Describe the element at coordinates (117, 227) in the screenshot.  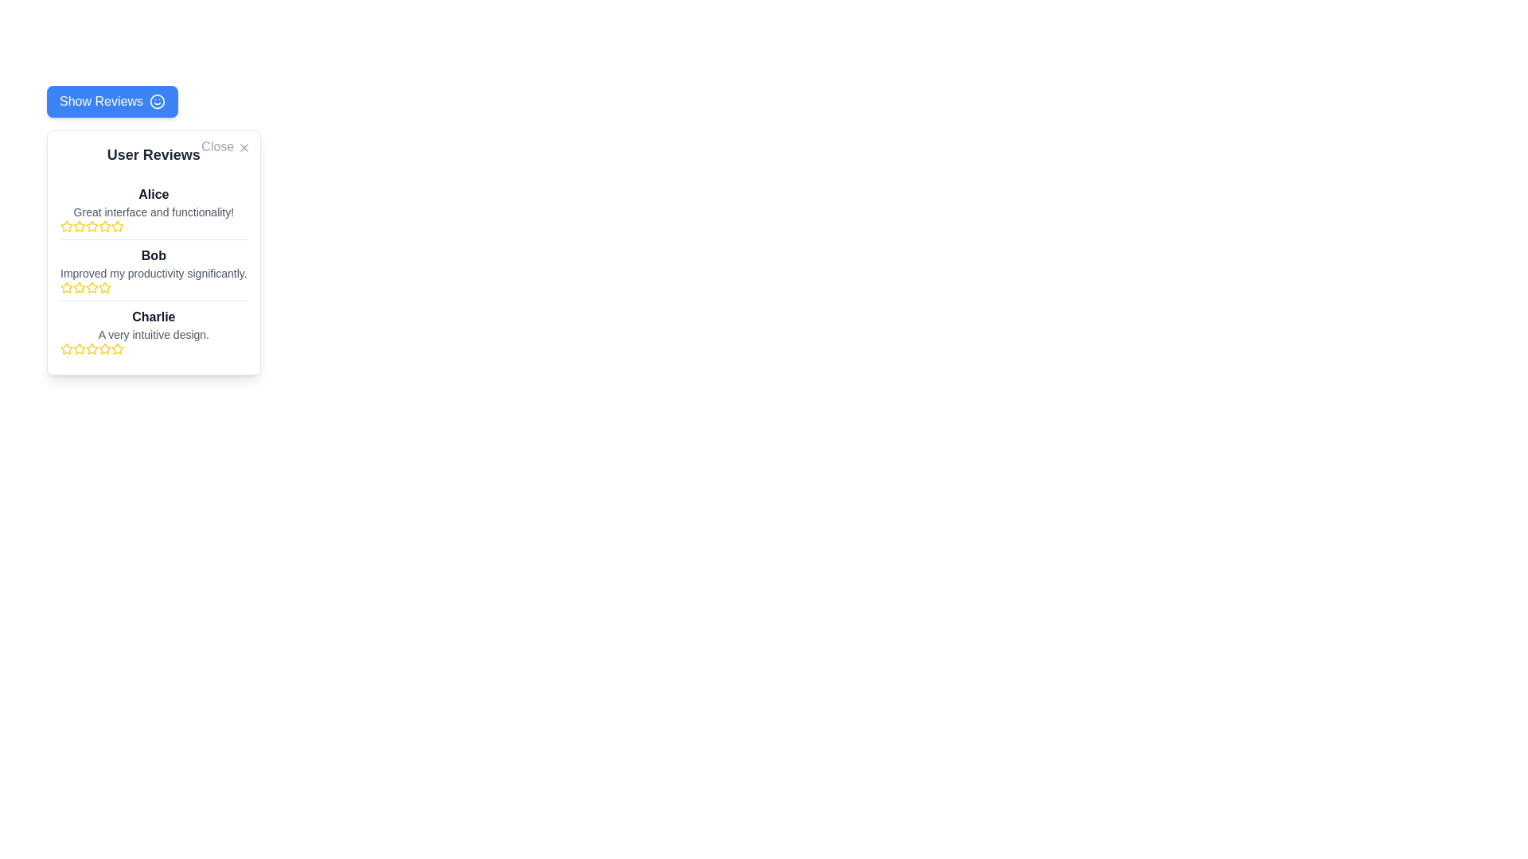
I see `the fifth yellow star icon in the rating bar under the review titled 'Alice' in the 'User Reviews' section` at that location.